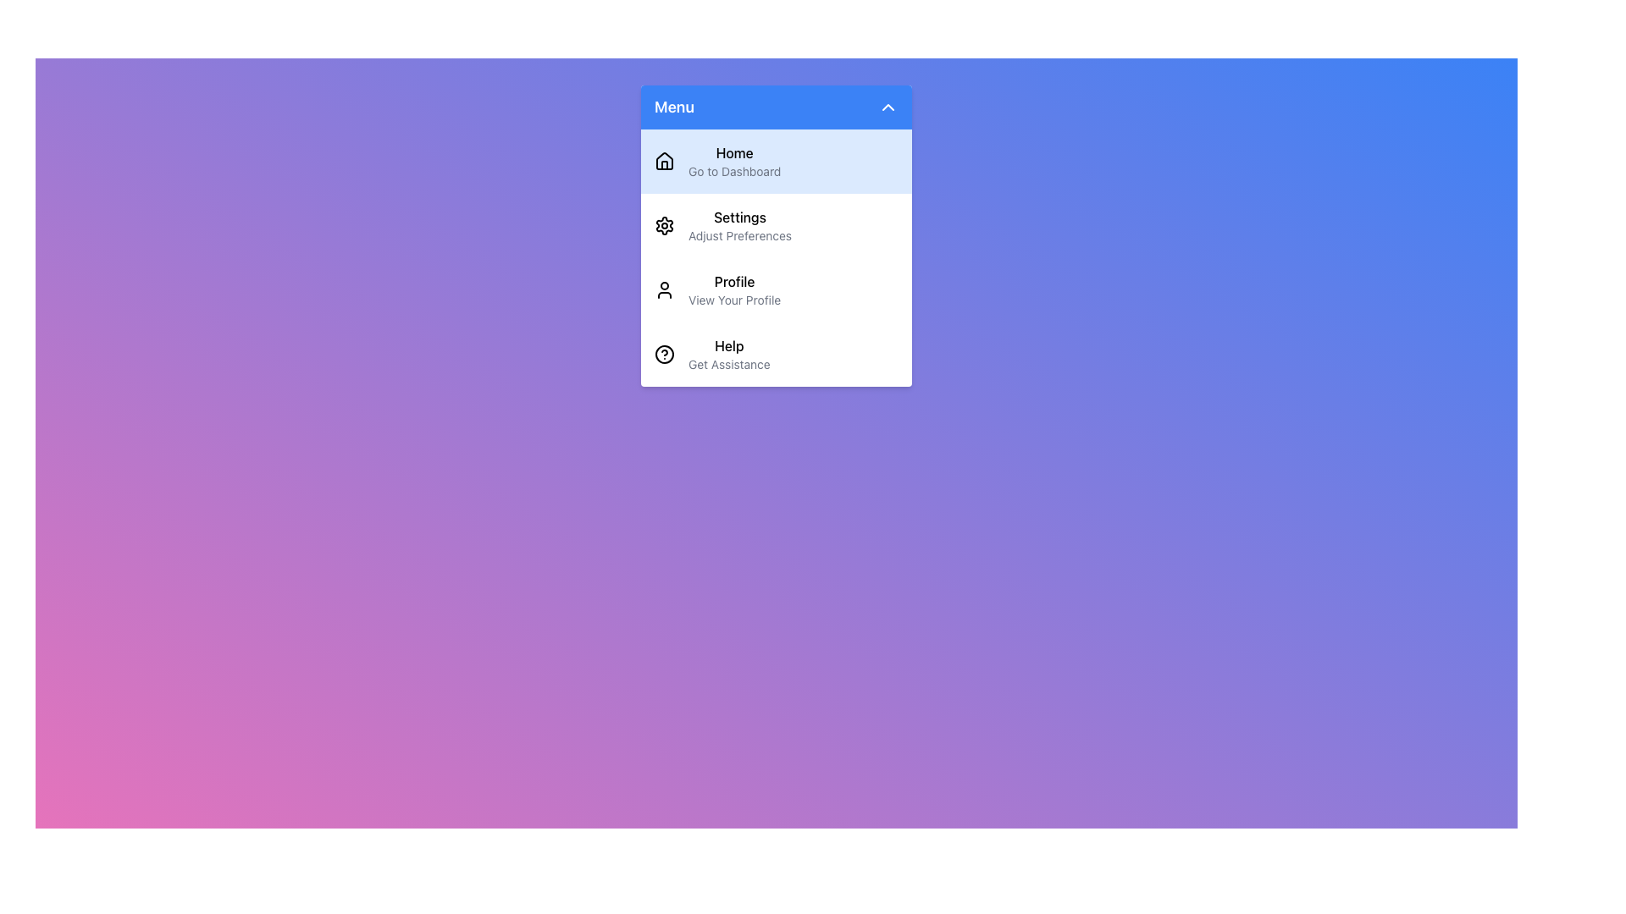  I want to click on the appearance of the circular help icon with a question mark, located at the far left of the 'Help Get Assistance' menu item, so click(664, 354).